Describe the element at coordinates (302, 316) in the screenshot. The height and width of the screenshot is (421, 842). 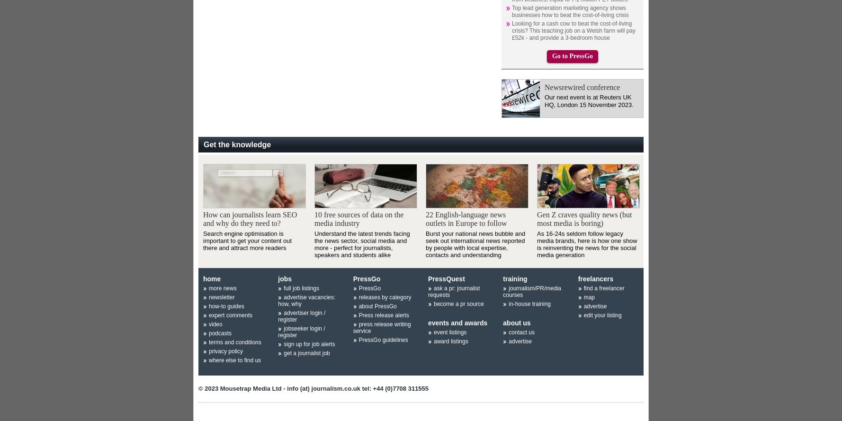
I see `'advertiser login / register'` at that location.